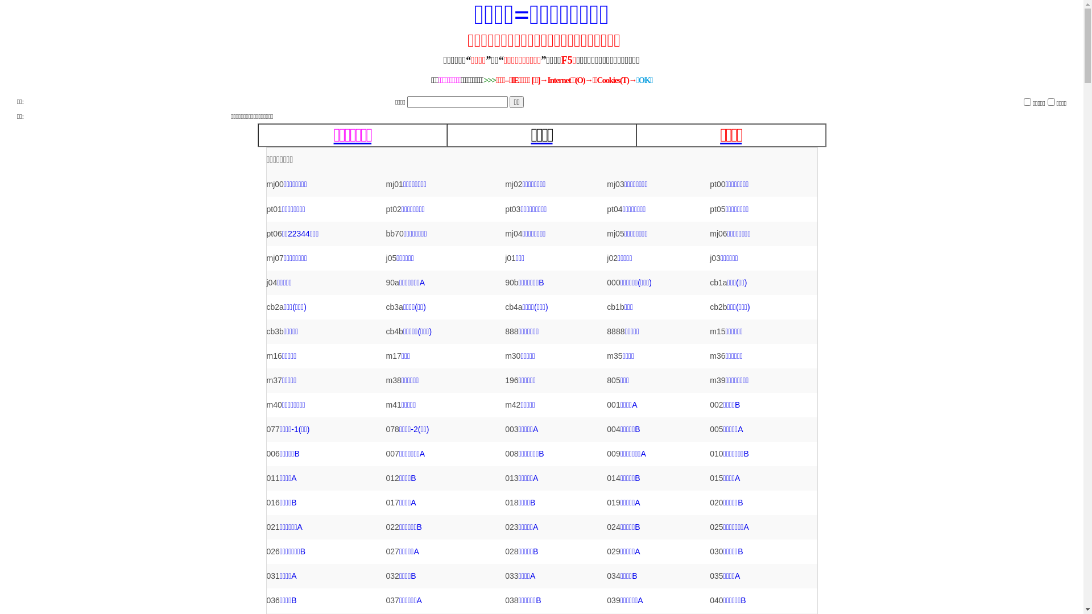 Image resolution: width=1092 pixels, height=614 pixels. Describe the element at coordinates (394, 209) in the screenshot. I see `'pt02'` at that location.